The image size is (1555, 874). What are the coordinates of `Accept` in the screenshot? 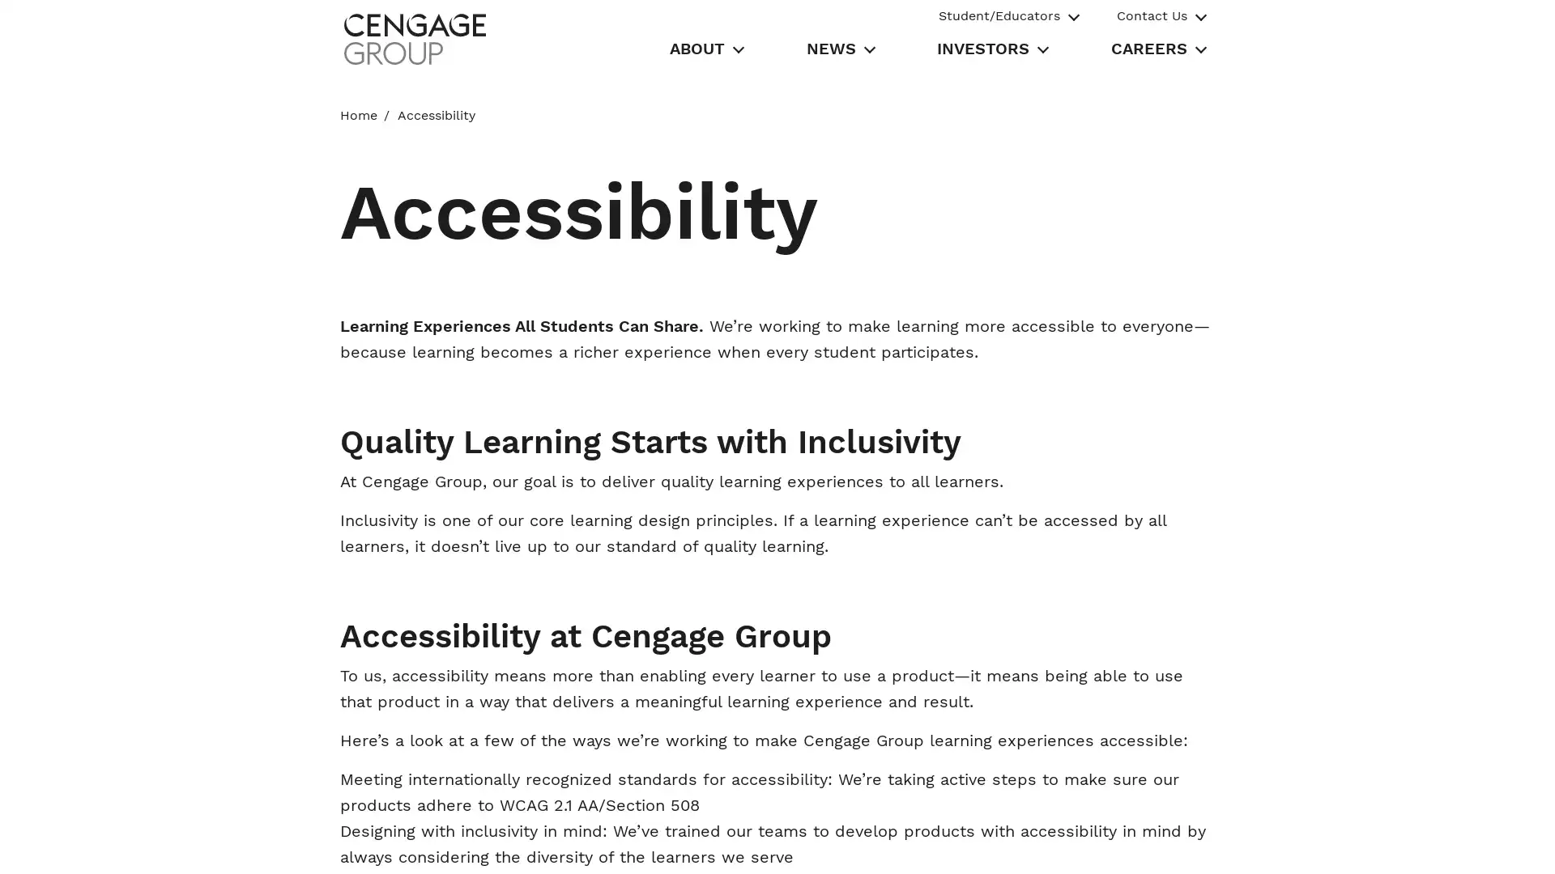 It's located at (1248, 842).